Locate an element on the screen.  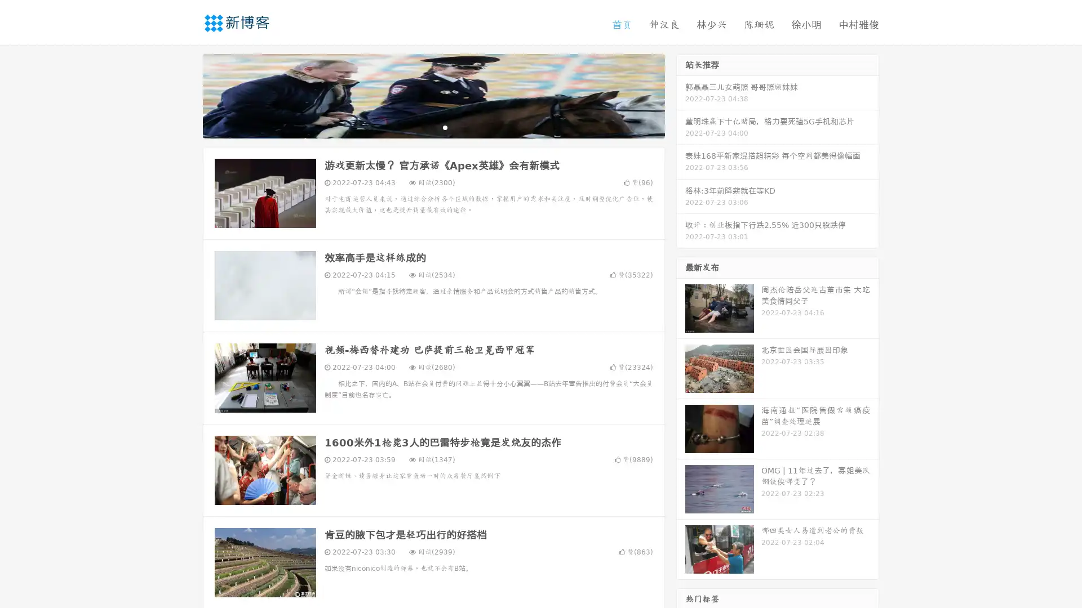
Previous slide is located at coordinates (186, 95).